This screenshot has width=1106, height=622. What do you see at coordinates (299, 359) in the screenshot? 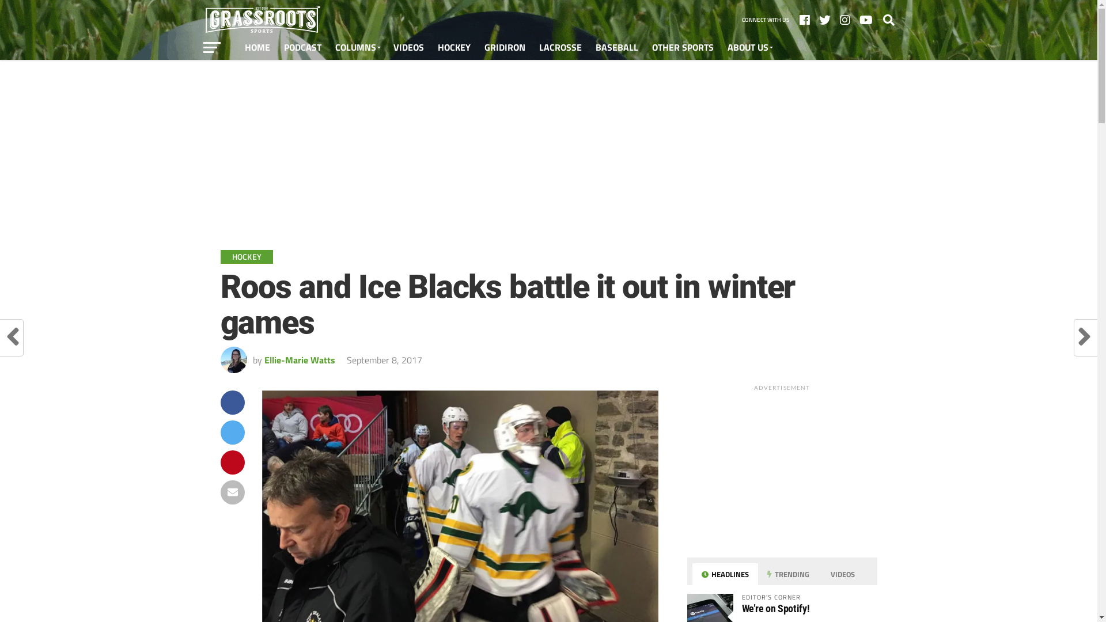
I see `'Ellie-Marie Watts'` at bounding box center [299, 359].